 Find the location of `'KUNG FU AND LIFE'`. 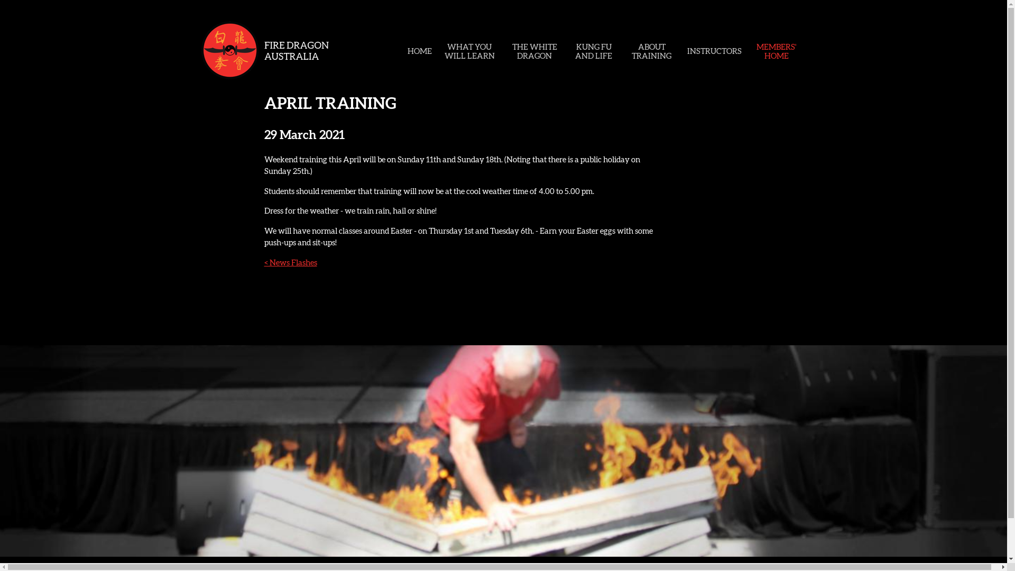

'KUNG FU AND LIFE' is located at coordinates (594, 51).